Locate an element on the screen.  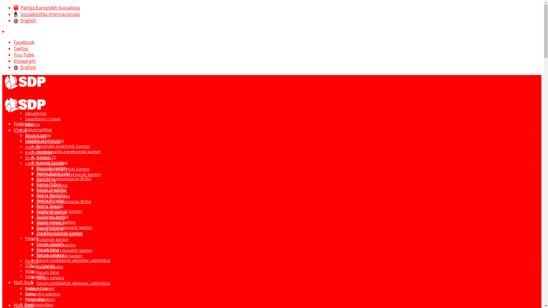
'Drugi o nama' is located at coordinates (25, 135).